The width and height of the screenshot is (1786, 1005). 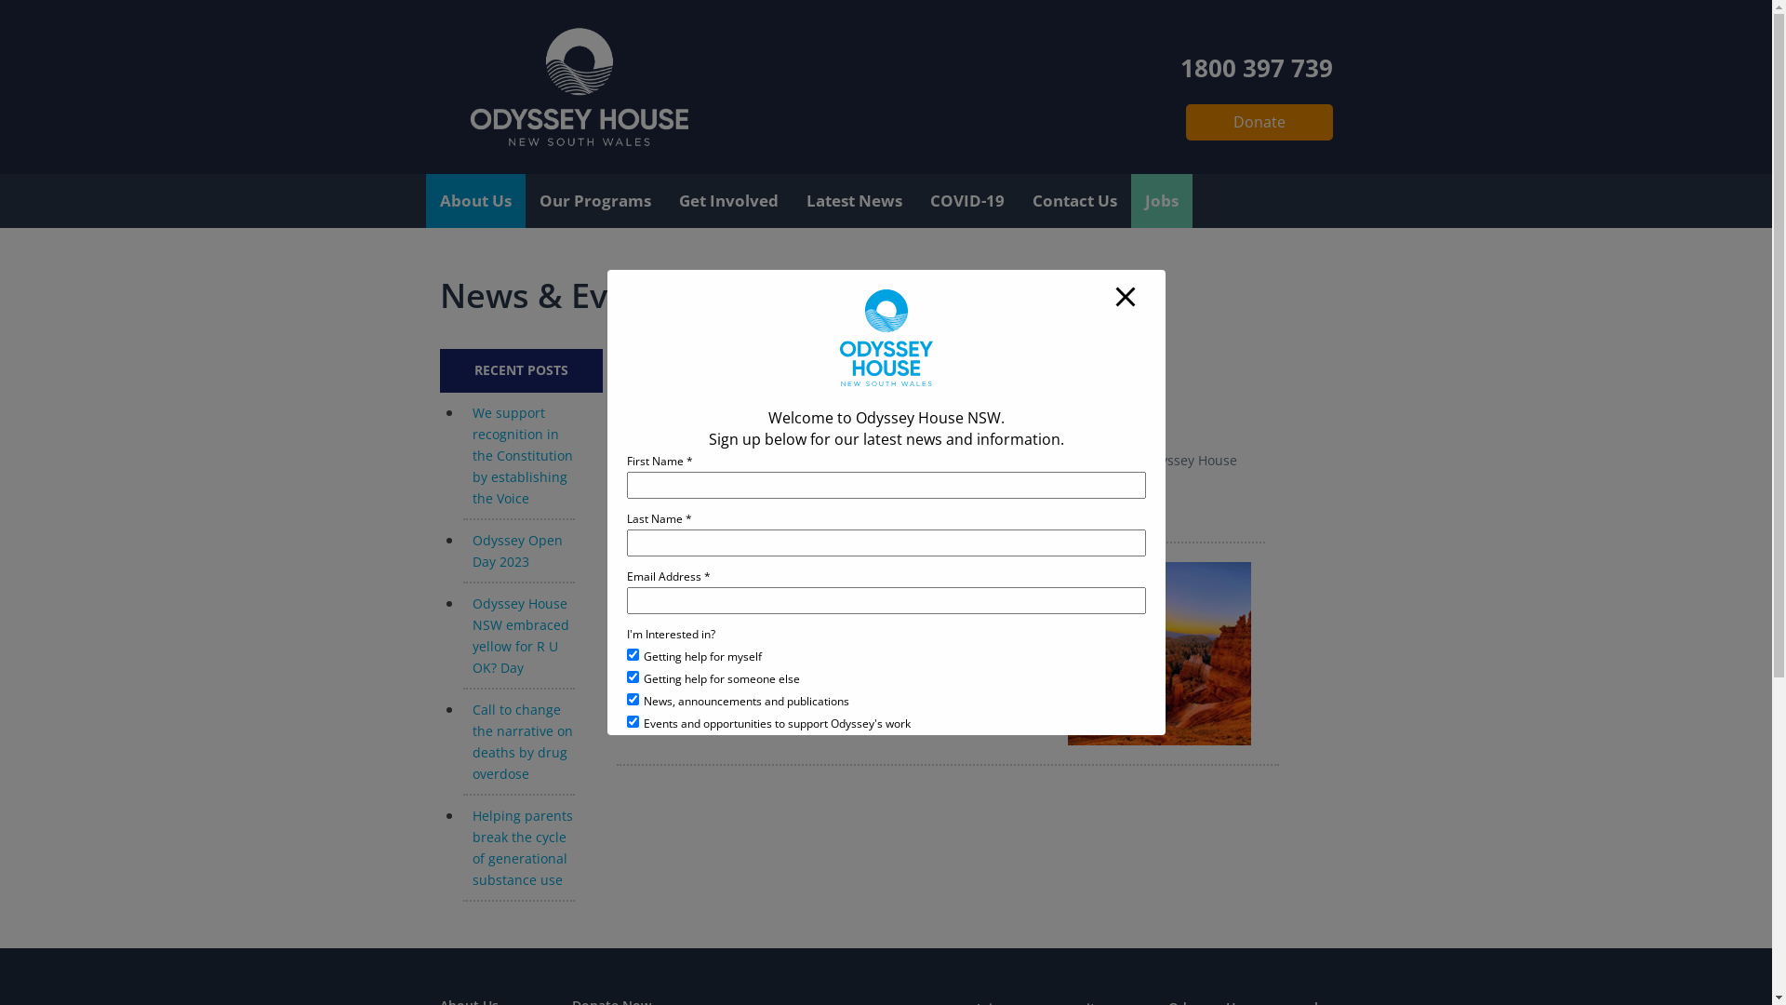 What do you see at coordinates (1073, 201) in the screenshot?
I see `'Contact Us'` at bounding box center [1073, 201].